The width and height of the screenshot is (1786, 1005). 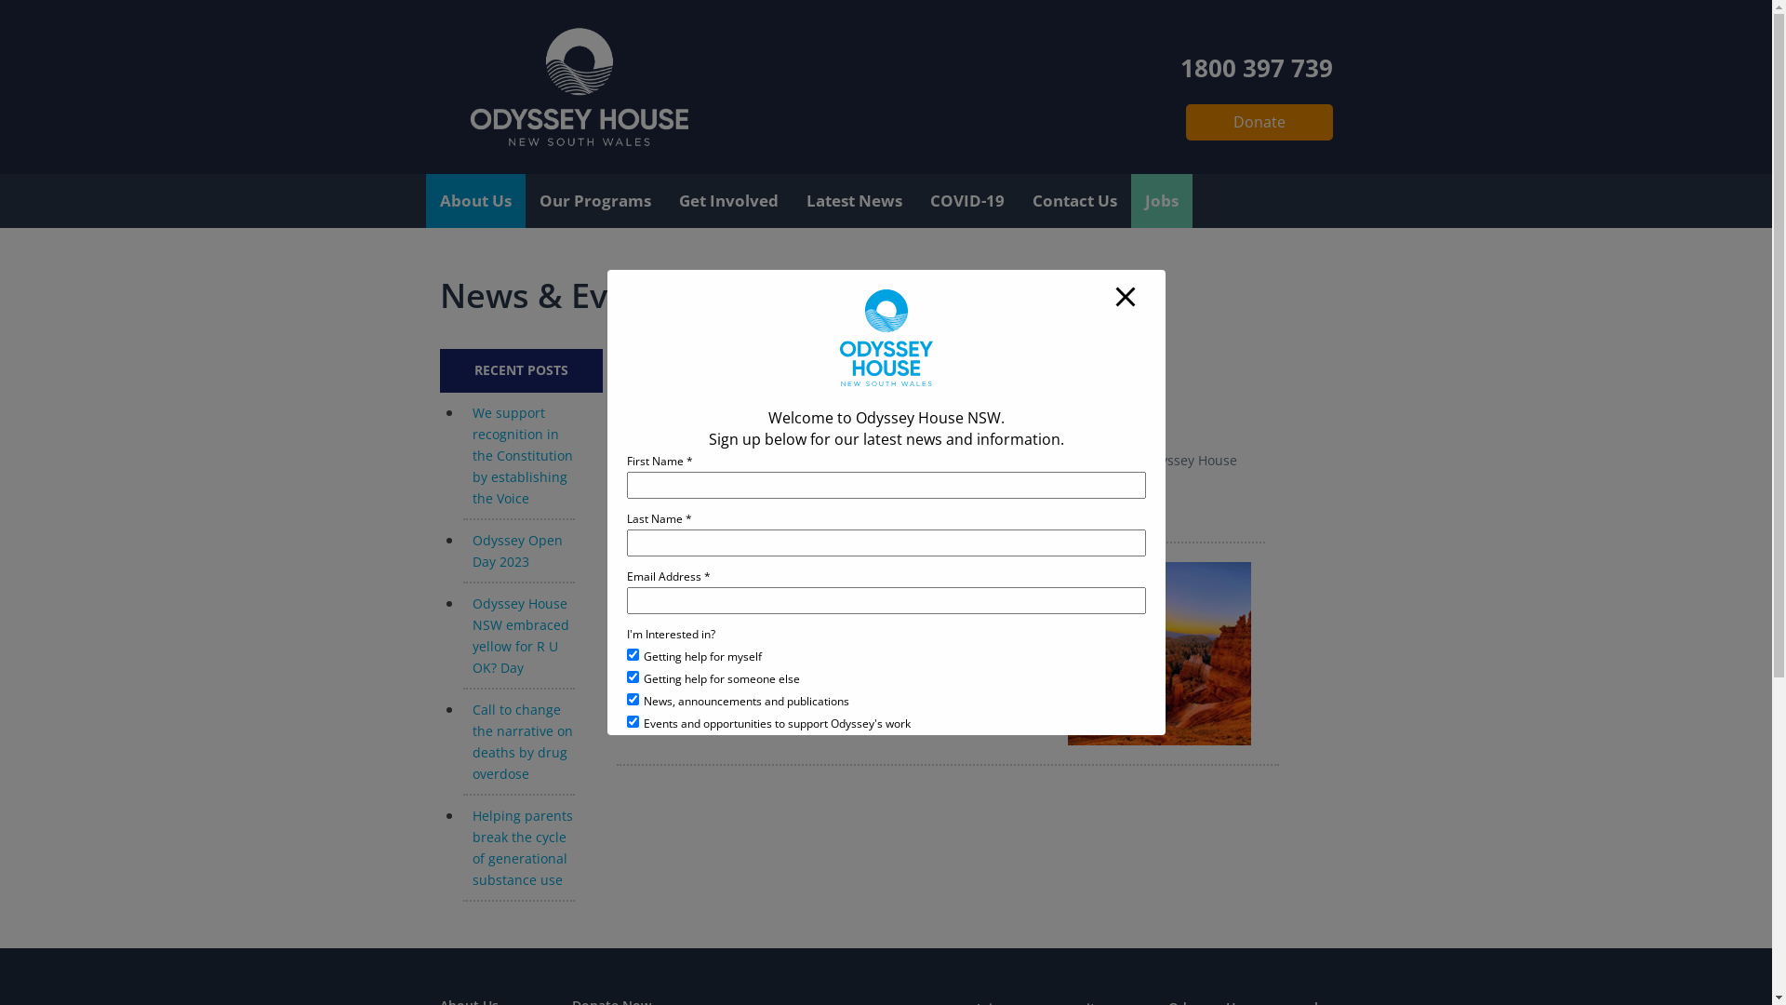 What do you see at coordinates (1073, 201) in the screenshot?
I see `'Contact Us'` at bounding box center [1073, 201].